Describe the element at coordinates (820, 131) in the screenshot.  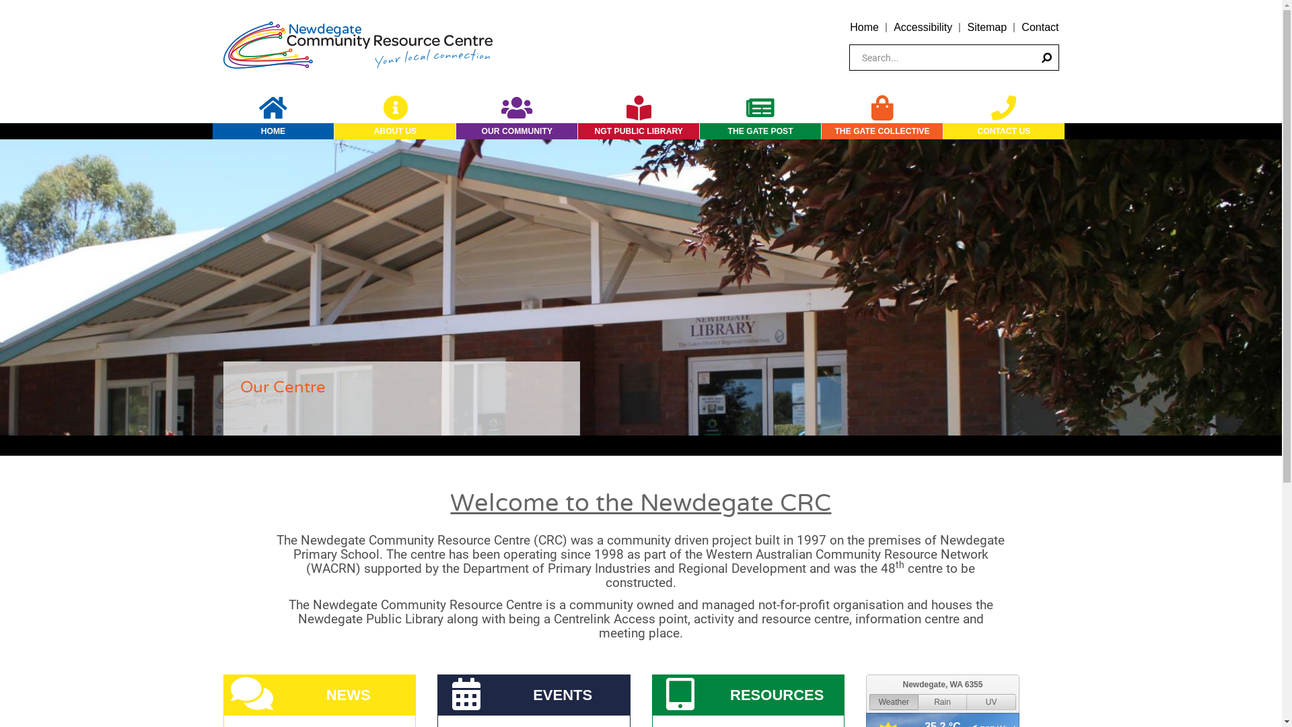
I see `'THE GATE COLLECTIVE'` at that location.